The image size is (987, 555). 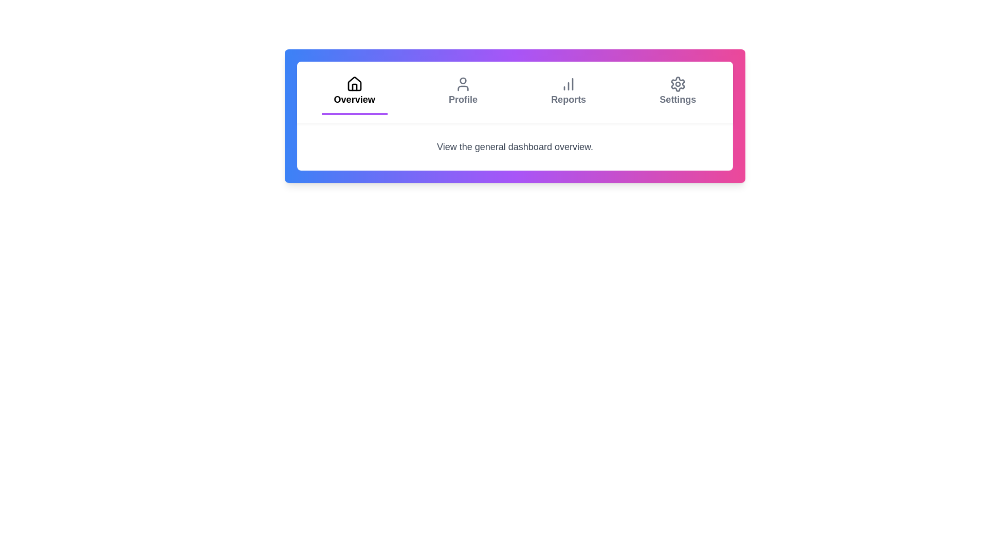 What do you see at coordinates (462, 99) in the screenshot?
I see `the 'Profile' text label in the tab navigation bar, which serves as the identifier for the corresponding profile option` at bounding box center [462, 99].